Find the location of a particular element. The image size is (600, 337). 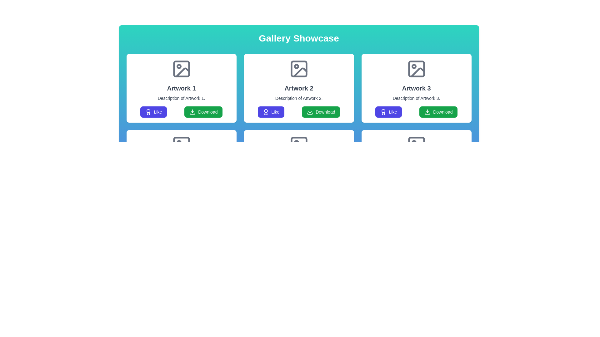

the download icon located within the 'Download' button, which is positioned to the right of the 'Like' button under the 'Artwork 3' section in the 'Gallery Showcase' layout to initiate a download is located at coordinates (427, 111).